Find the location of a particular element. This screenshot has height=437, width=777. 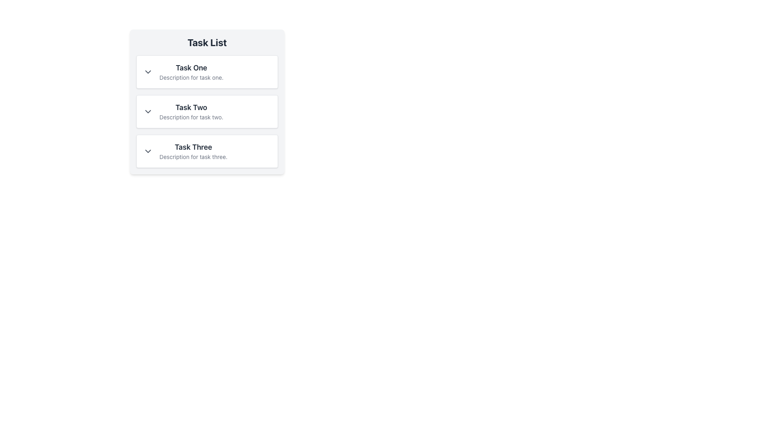

title text label for the second task in the 'Task List', which provides a concise identifier for the task is located at coordinates (191, 107).